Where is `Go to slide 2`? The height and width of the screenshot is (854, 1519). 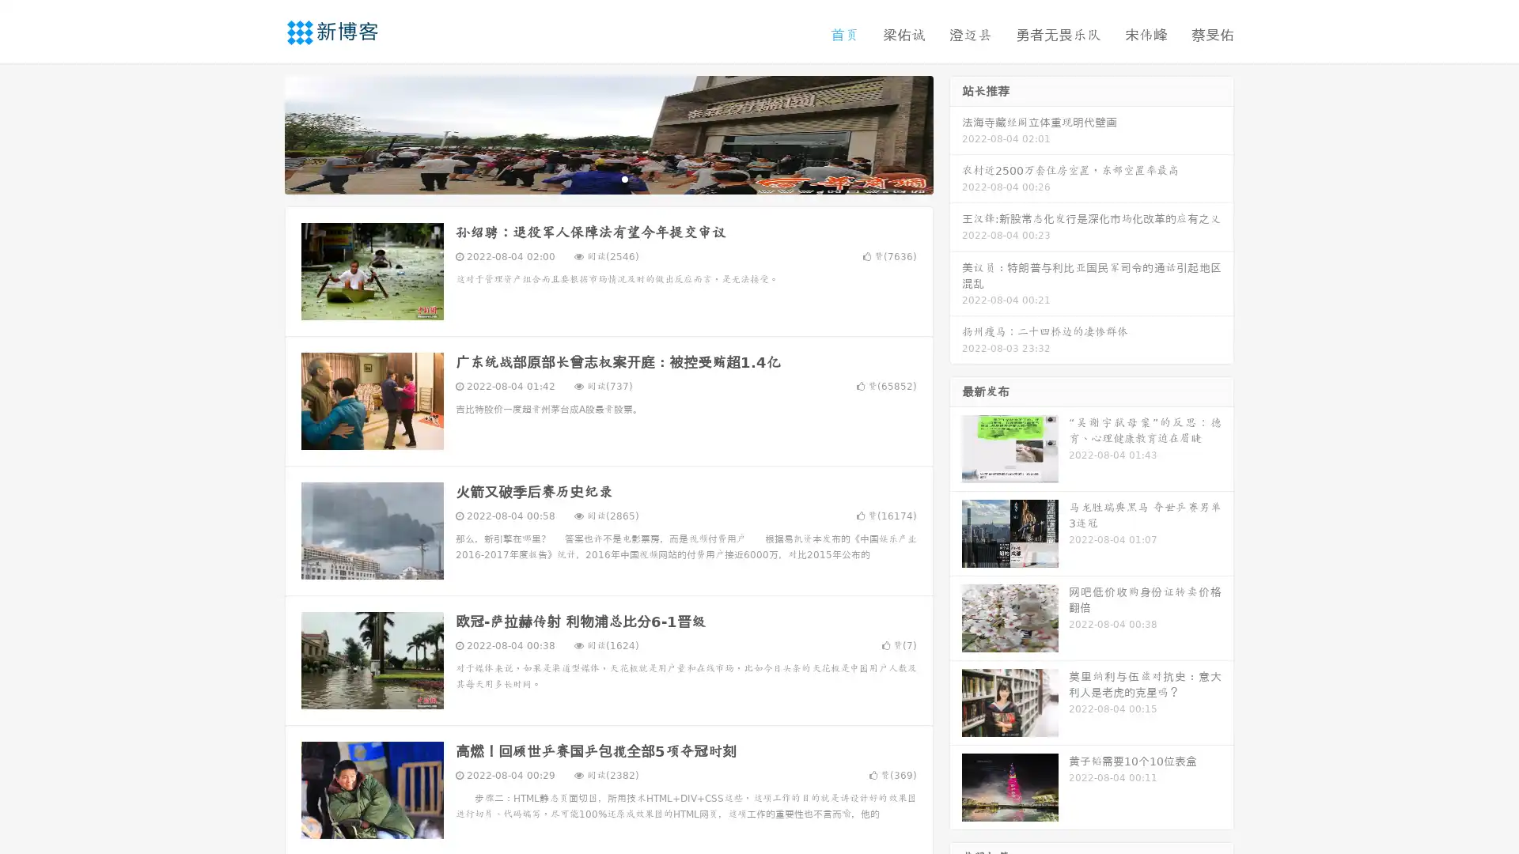 Go to slide 2 is located at coordinates (608, 178).